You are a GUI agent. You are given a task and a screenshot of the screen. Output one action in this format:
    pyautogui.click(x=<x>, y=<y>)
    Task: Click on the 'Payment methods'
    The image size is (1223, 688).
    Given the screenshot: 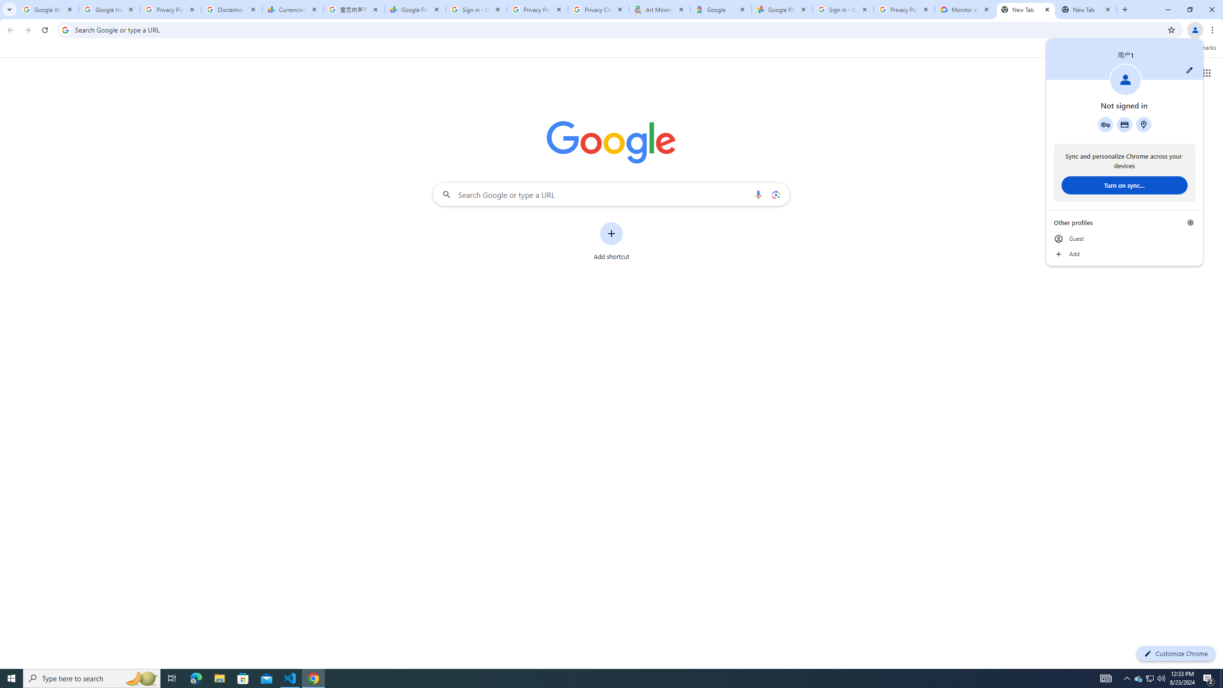 What is the action you would take?
    pyautogui.click(x=1124, y=124)
    